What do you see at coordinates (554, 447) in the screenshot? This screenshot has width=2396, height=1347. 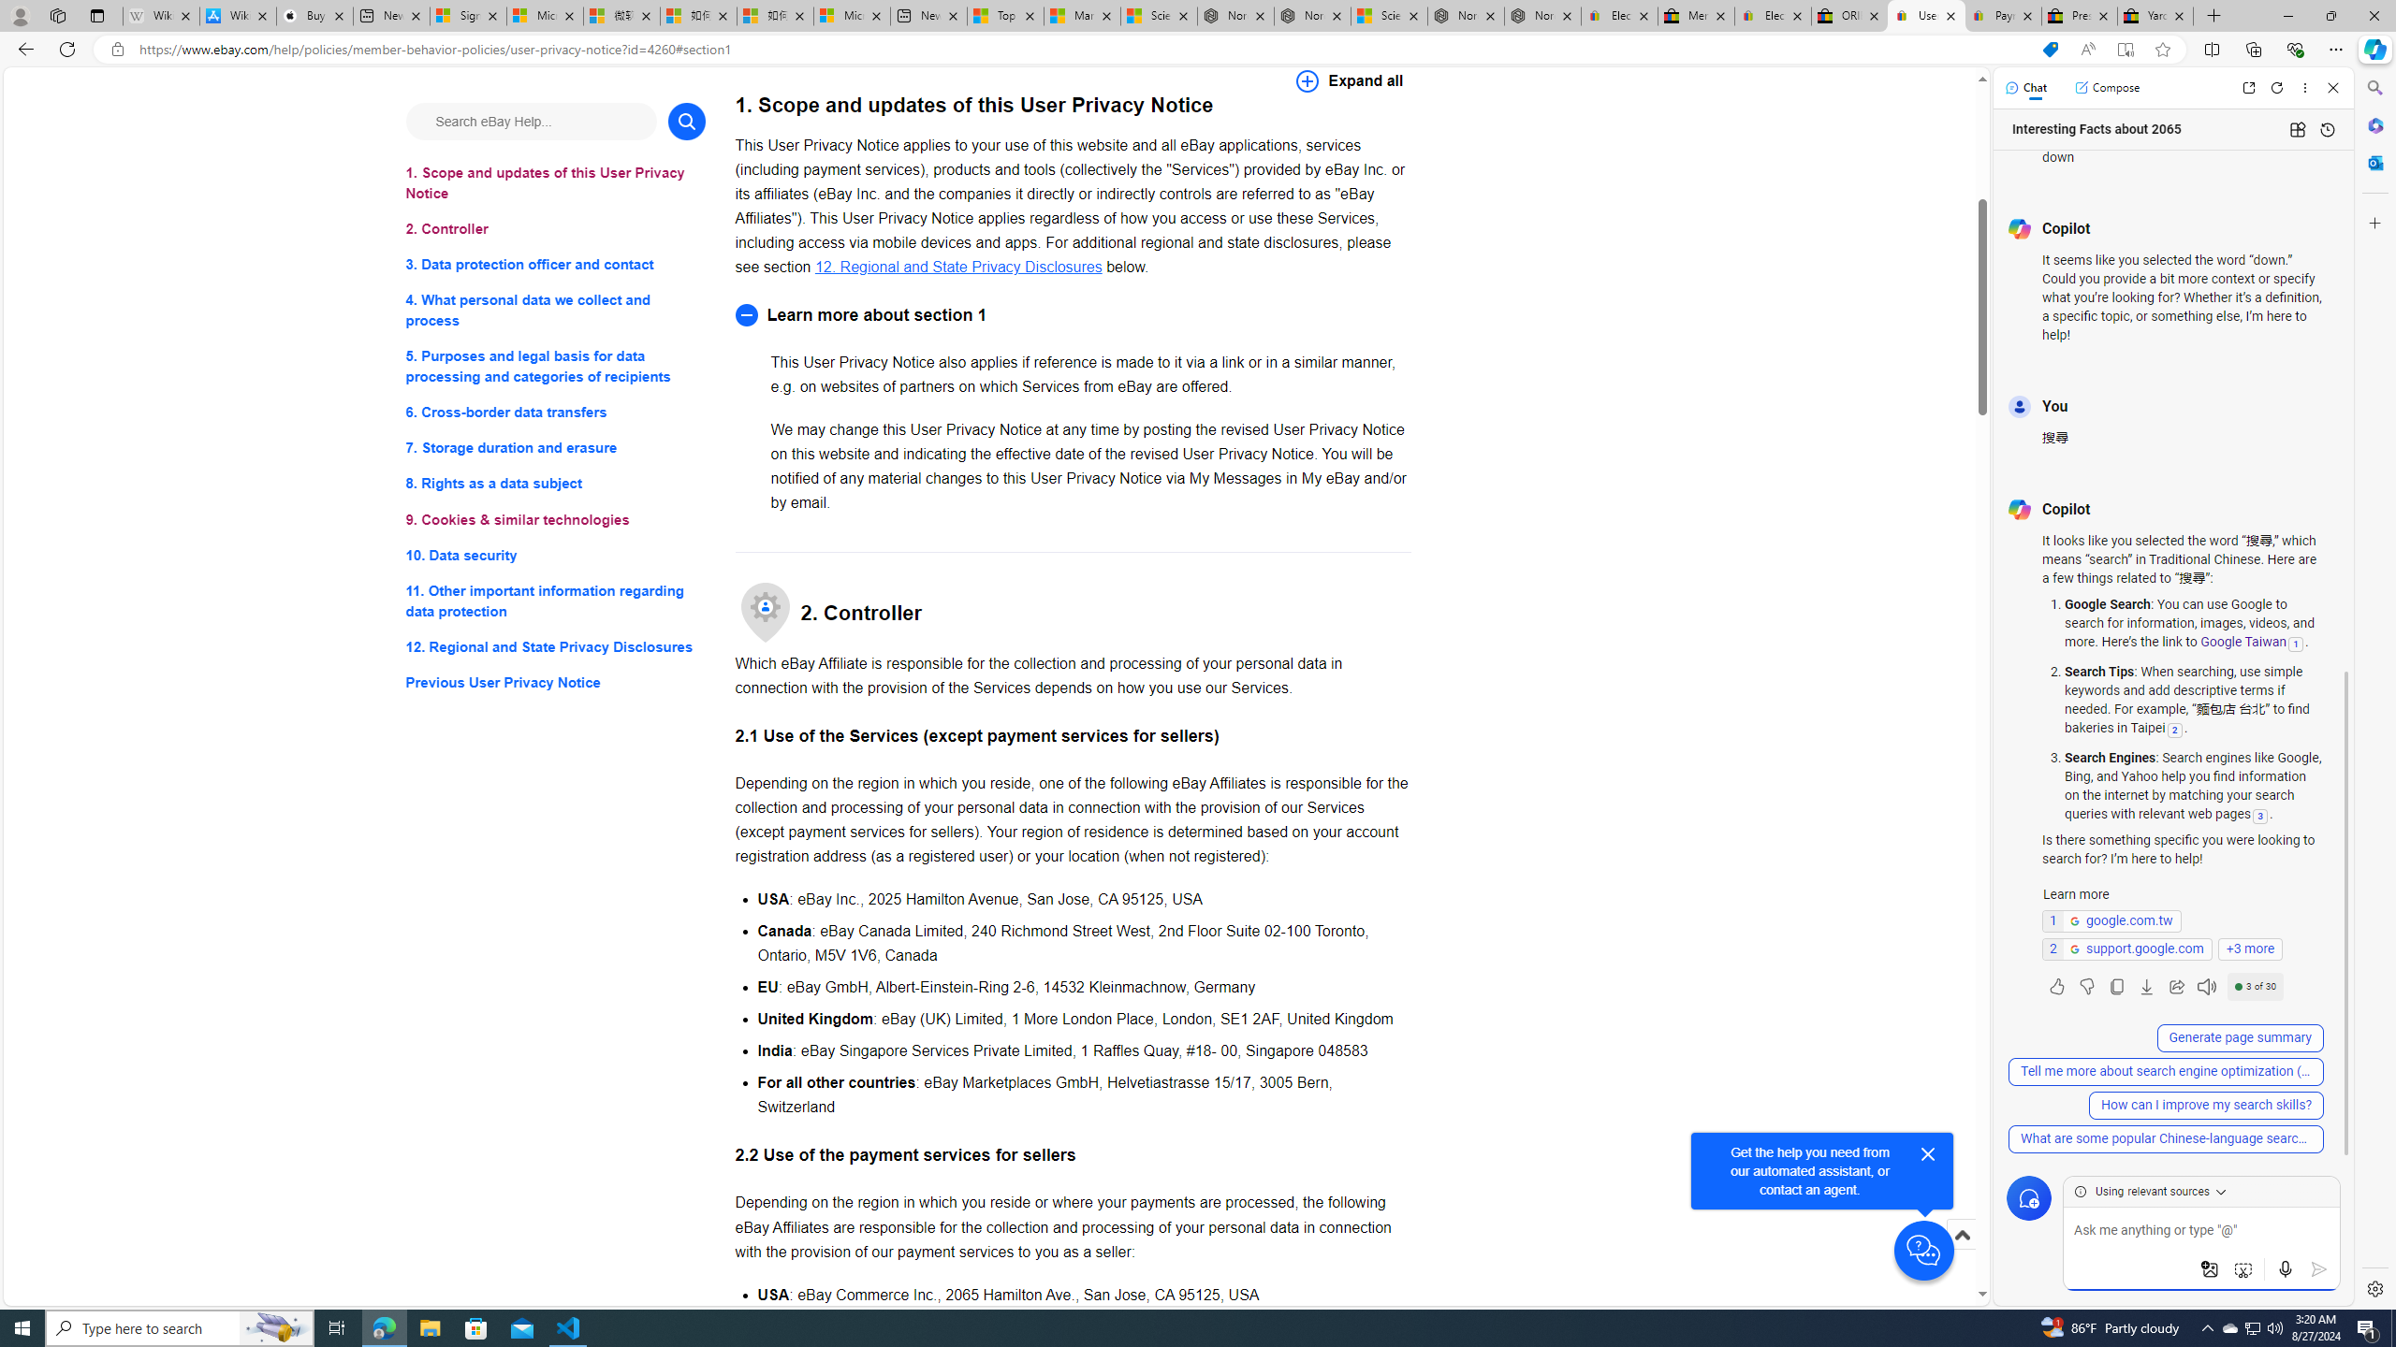 I see `'7. Storage duration and erasure'` at bounding box center [554, 447].